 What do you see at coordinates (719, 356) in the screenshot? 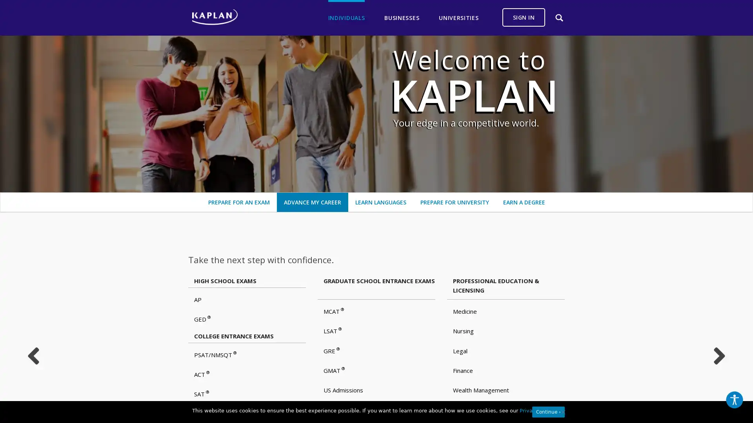
I see `Next` at bounding box center [719, 356].